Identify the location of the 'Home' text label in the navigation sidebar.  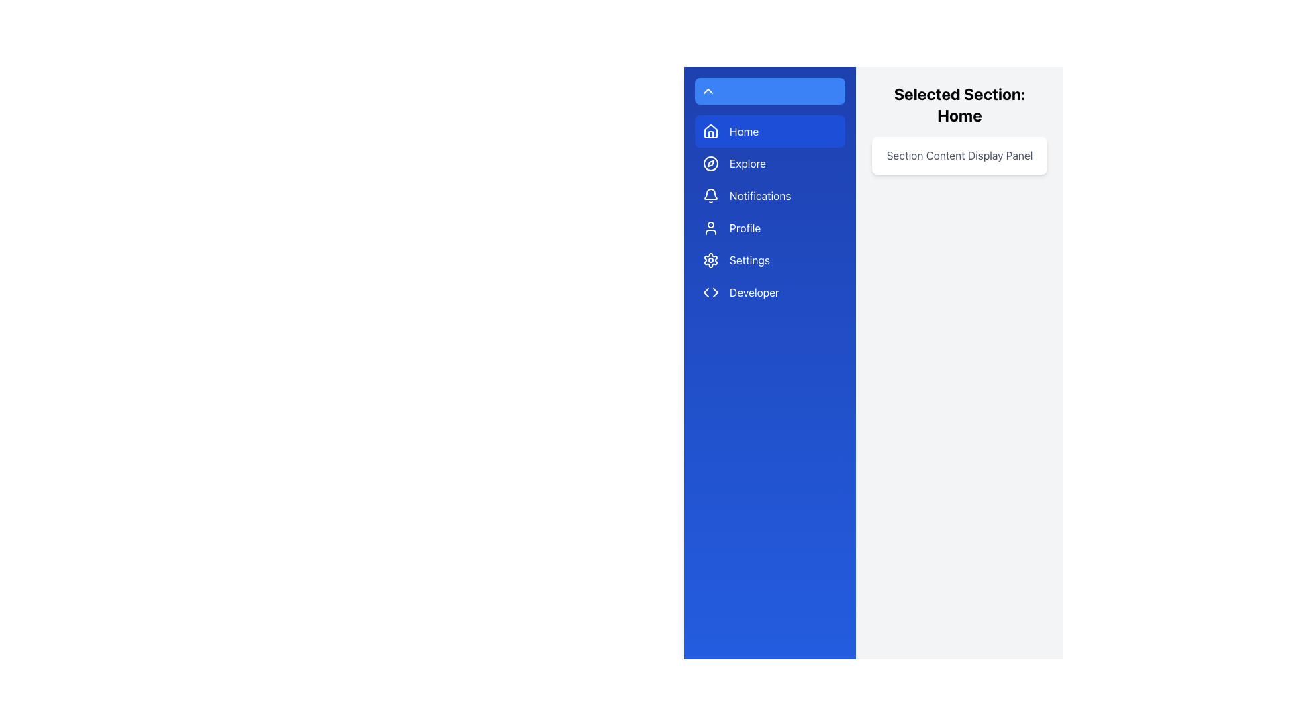
(743, 132).